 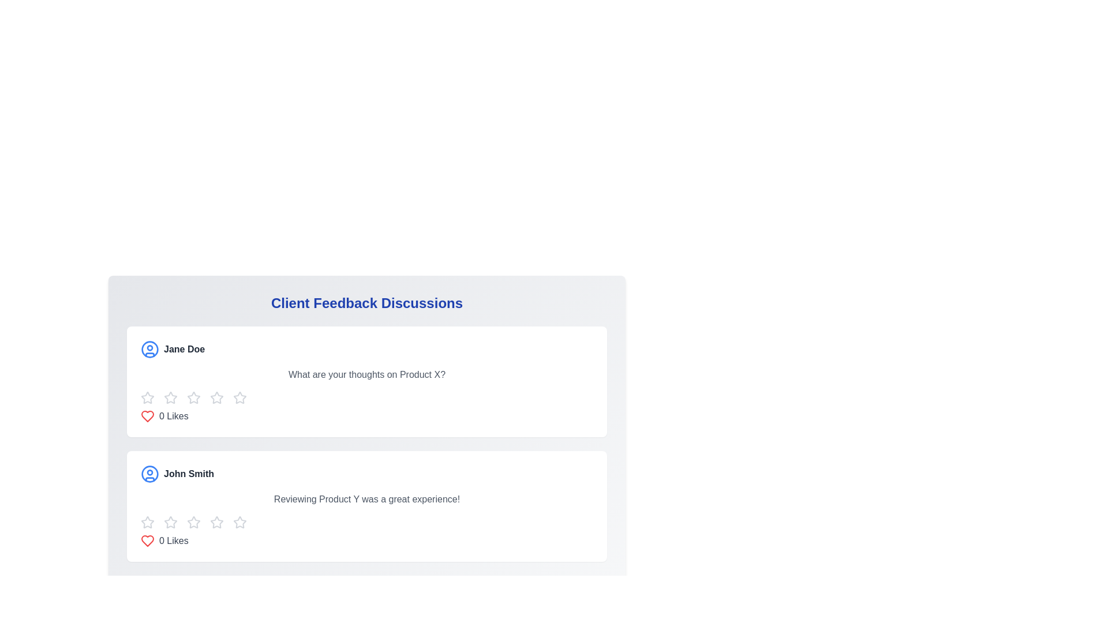 I want to click on the first rating star icon, which is a light gray star-shaped element in a horizontal row of five stars, for user customization scenarios, so click(x=147, y=397).